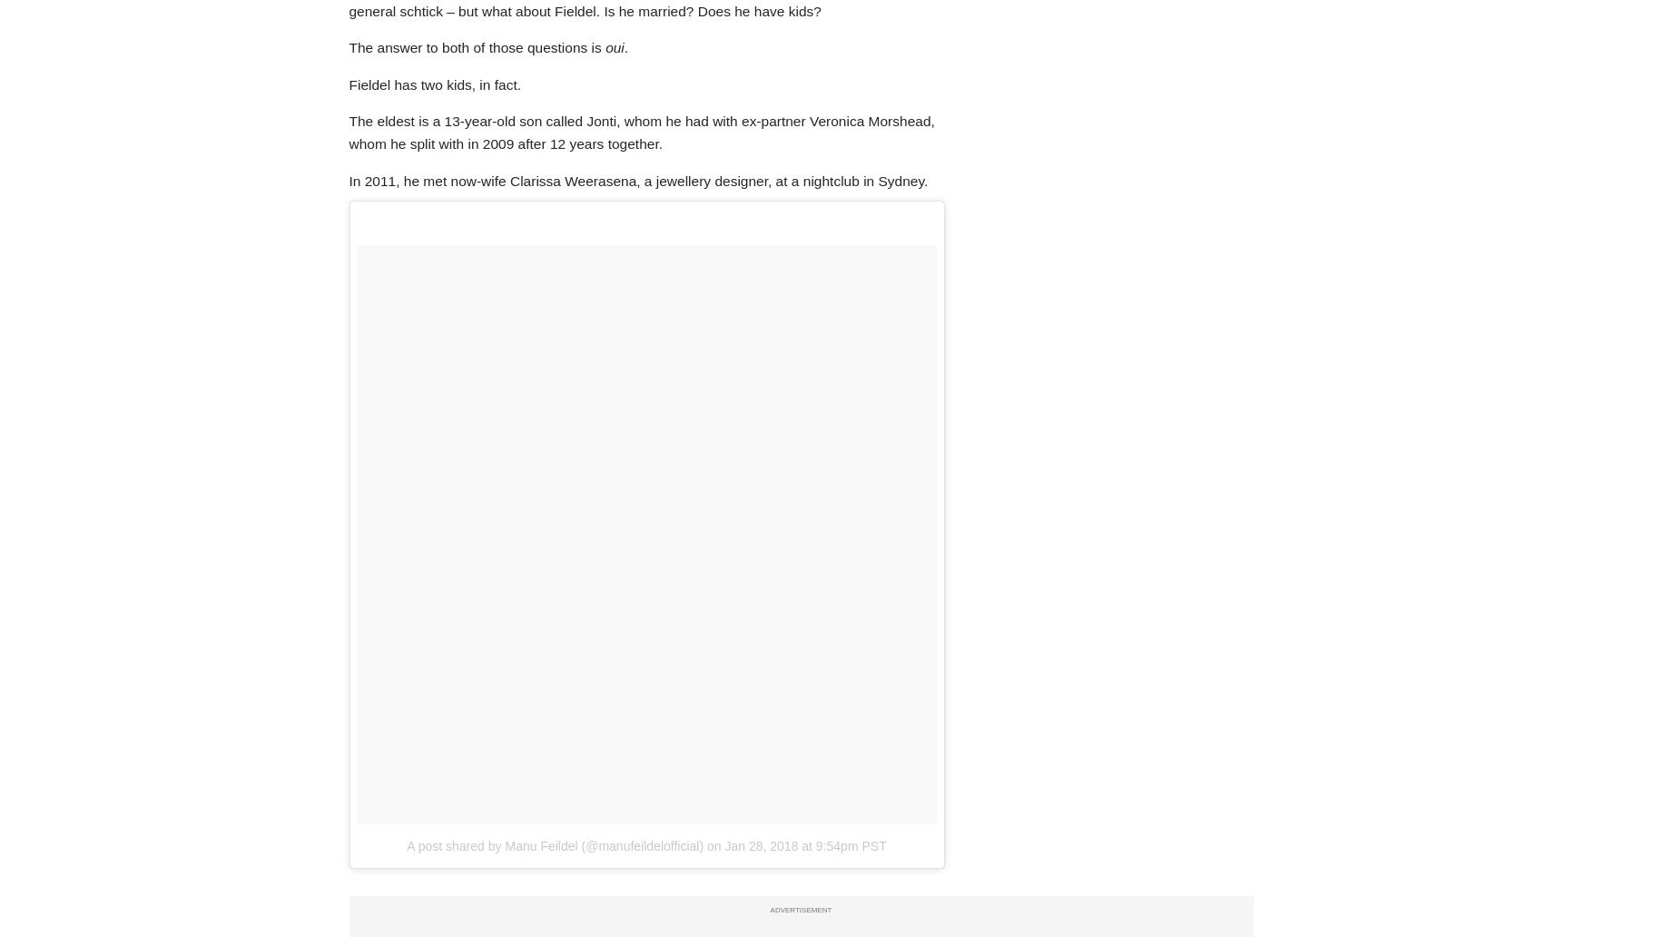 Image resolution: width=1673 pixels, height=937 pixels. What do you see at coordinates (640, 132) in the screenshot?
I see `'The eldest is a 13-year-old son called Jonti, whom he had with ex-partner Veronica Morshead, whom he split with in 2009 after 12 years together.'` at bounding box center [640, 132].